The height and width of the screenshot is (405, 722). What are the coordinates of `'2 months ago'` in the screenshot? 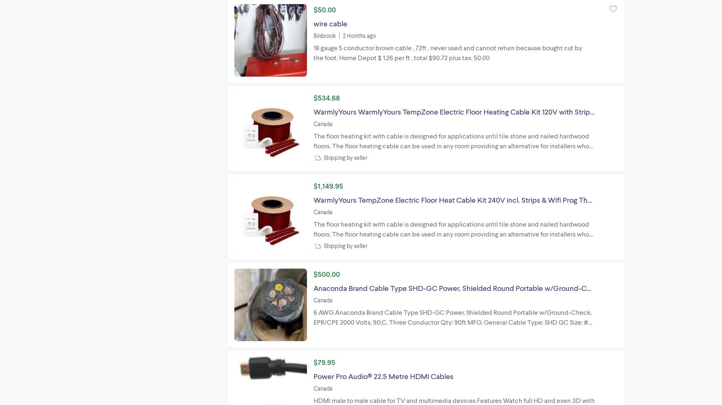 It's located at (359, 35).